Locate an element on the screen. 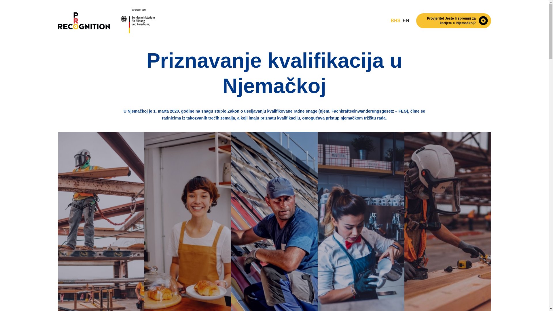 The image size is (553, 311). 'EN' is located at coordinates (406, 20).